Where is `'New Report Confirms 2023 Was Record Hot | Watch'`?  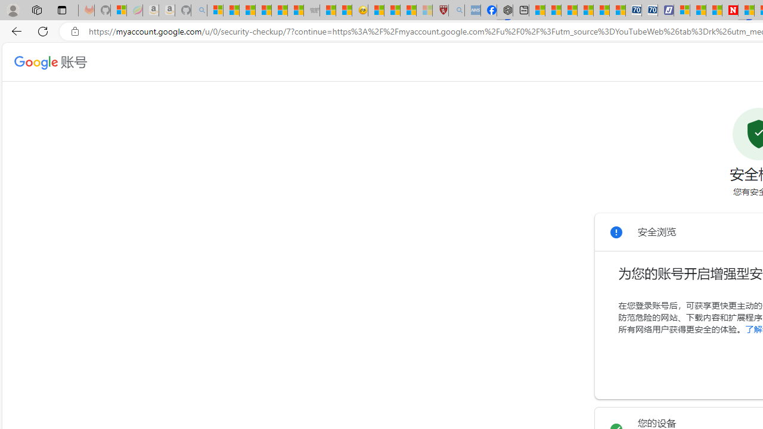 'New Report Confirms 2023 Was Record Hot | Watch' is located at coordinates (279, 10).